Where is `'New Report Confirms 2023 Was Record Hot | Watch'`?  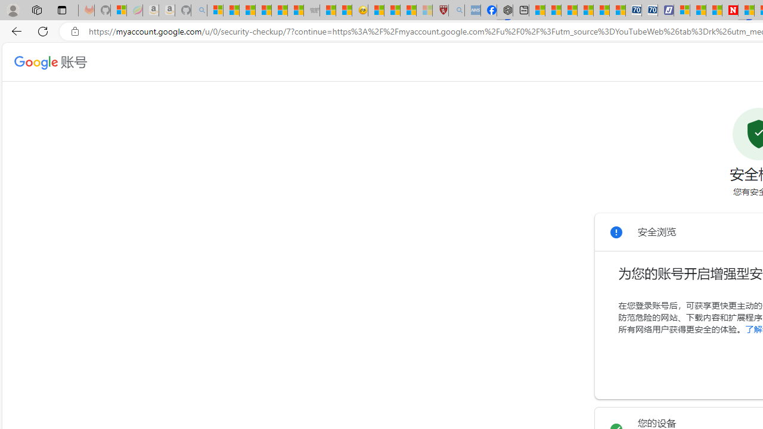 'New Report Confirms 2023 Was Record Hot | Watch' is located at coordinates (279, 10).